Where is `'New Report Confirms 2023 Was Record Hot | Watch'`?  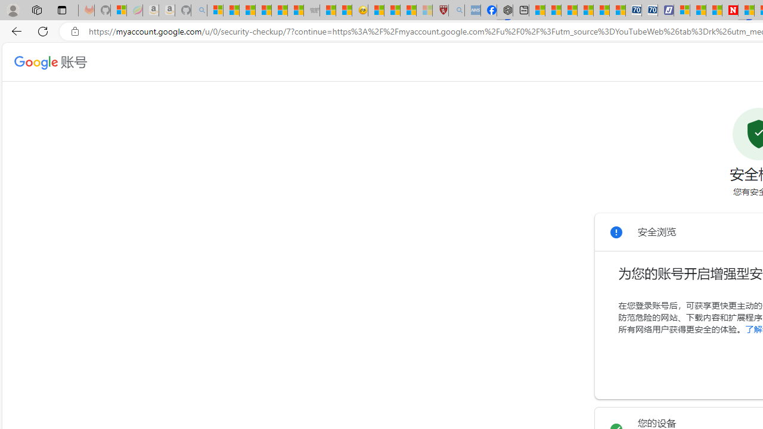 'New Report Confirms 2023 Was Record Hot | Watch' is located at coordinates (279, 10).